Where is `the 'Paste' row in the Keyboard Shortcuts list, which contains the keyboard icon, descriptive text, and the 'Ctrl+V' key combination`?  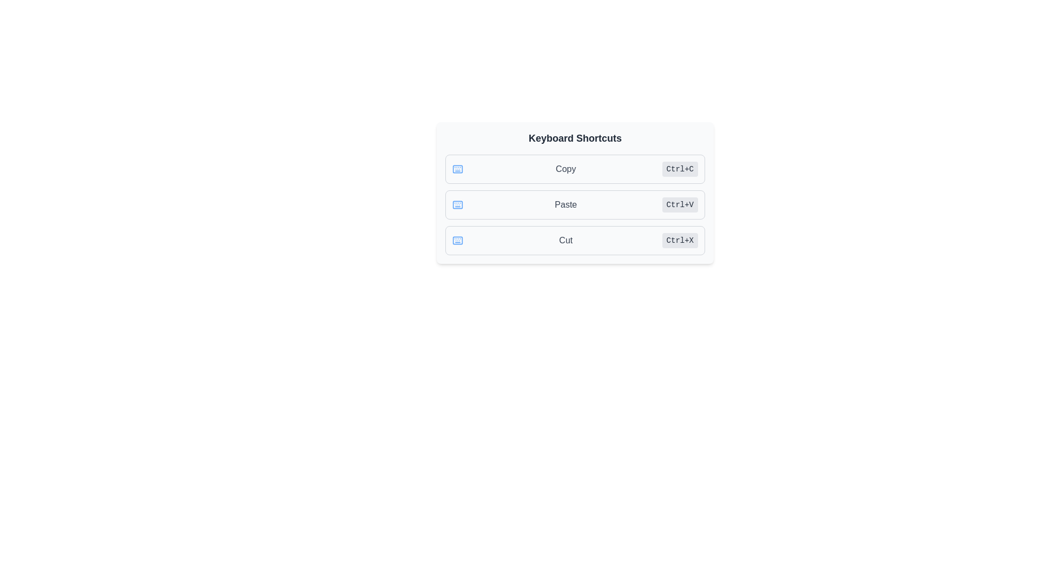
the 'Paste' row in the Keyboard Shortcuts list, which contains the keyboard icon, descriptive text, and the 'Ctrl+V' key combination is located at coordinates (574, 204).